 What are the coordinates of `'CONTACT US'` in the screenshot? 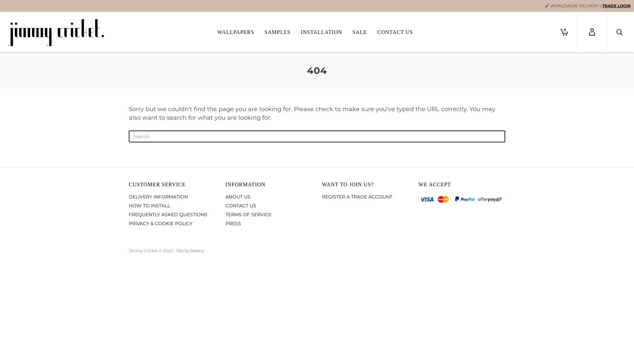 It's located at (372, 32).